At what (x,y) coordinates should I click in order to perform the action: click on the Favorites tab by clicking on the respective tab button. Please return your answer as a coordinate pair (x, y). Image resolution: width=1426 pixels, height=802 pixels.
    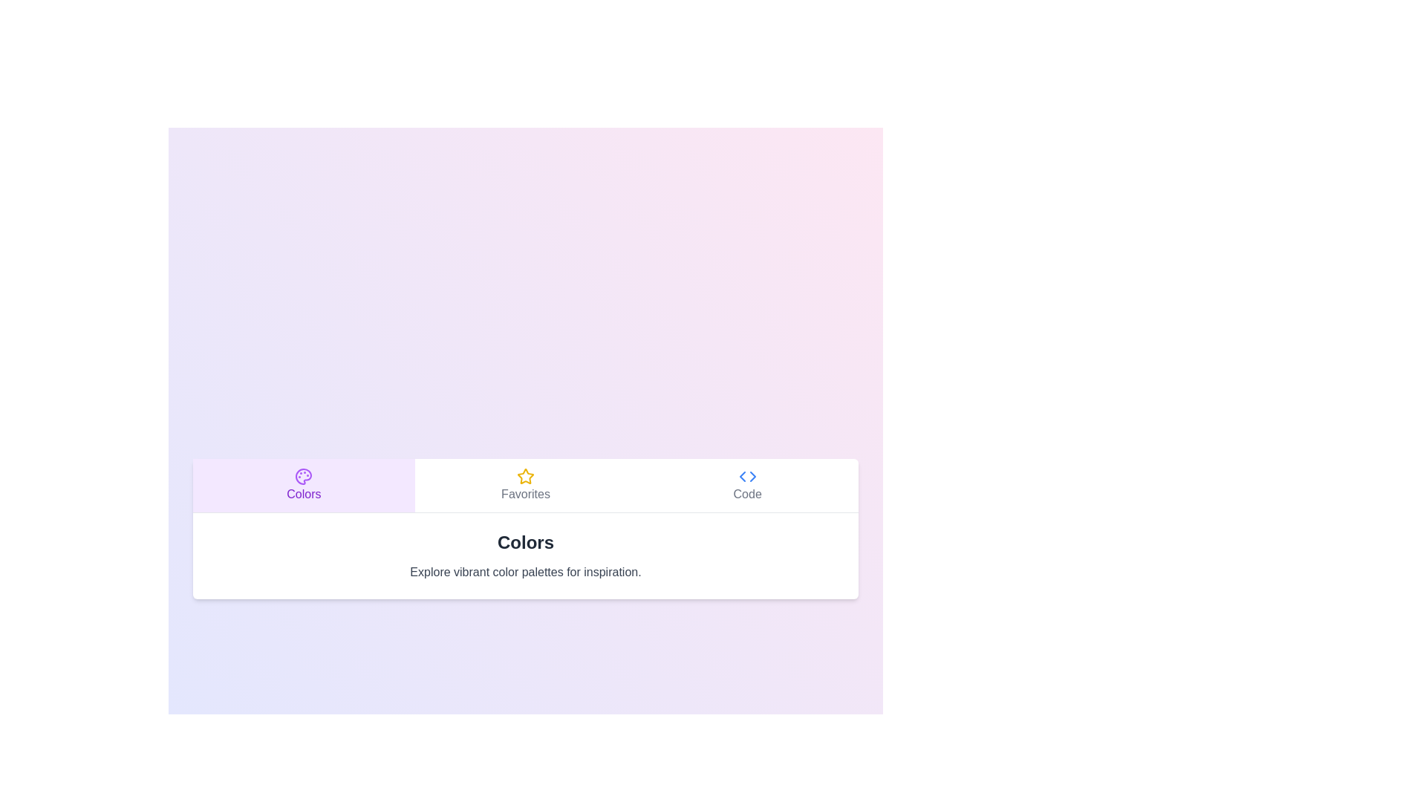
    Looking at the image, I should click on (526, 485).